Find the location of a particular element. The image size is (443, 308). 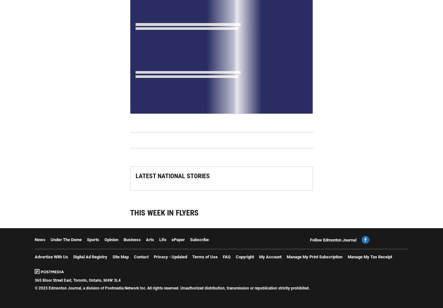

'Site Map' is located at coordinates (112, 257).